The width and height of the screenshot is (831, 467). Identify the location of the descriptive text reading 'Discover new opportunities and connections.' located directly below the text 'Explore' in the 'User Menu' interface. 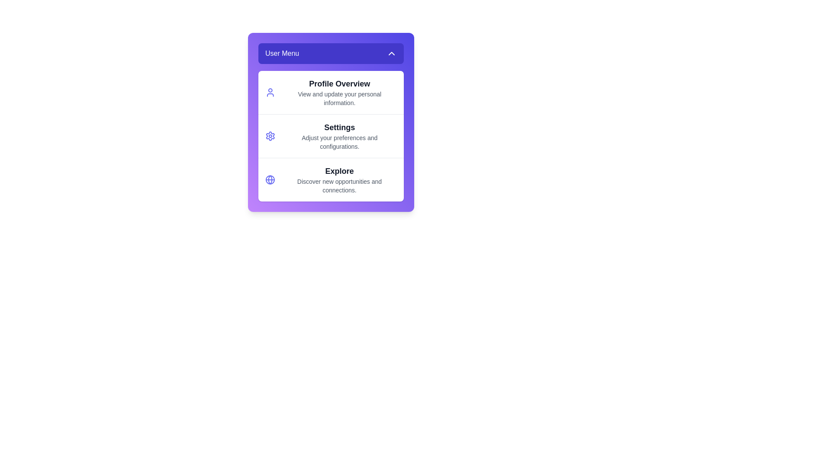
(339, 185).